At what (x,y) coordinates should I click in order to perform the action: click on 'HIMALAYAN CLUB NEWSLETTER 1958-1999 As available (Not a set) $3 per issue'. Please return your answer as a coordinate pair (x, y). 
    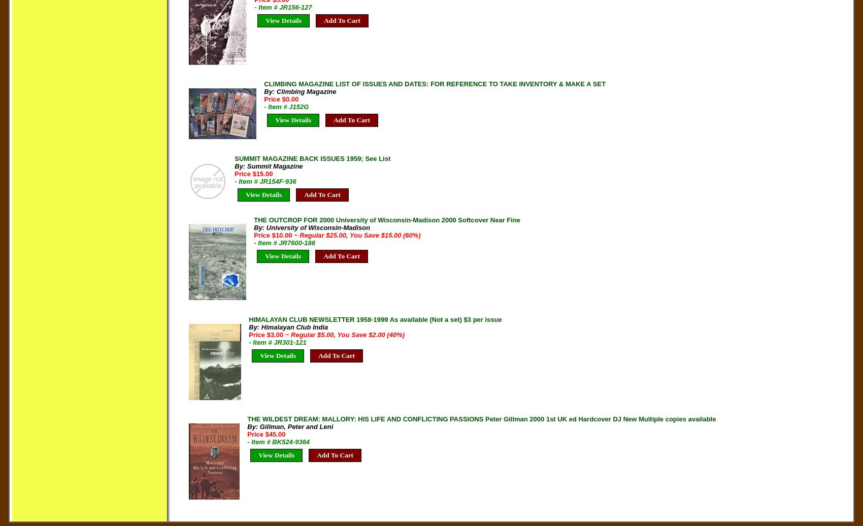
    Looking at the image, I should click on (375, 319).